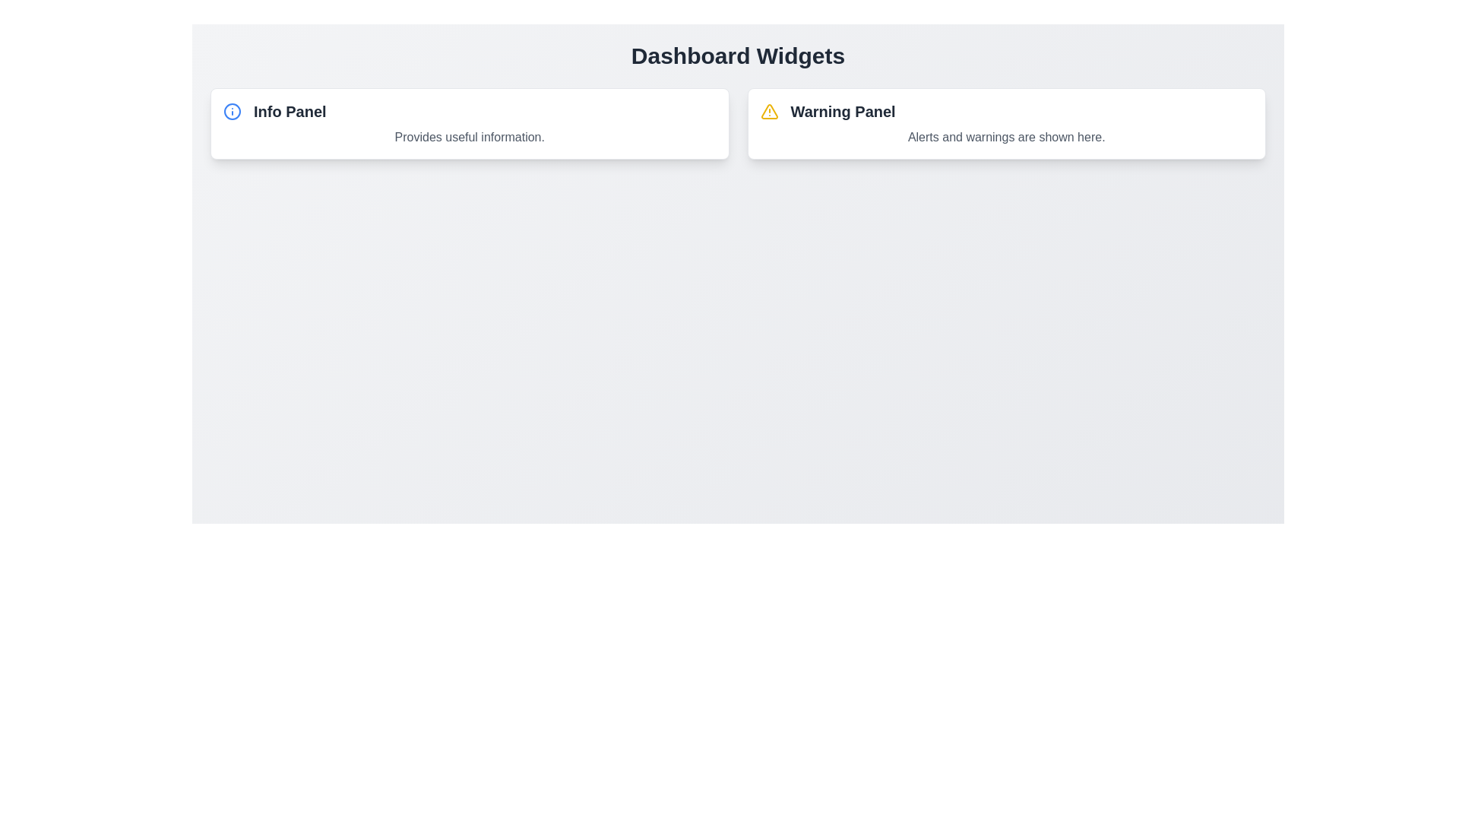 This screenshot has height=821, width=1459. Describe the element at coordinates (232, 110) in the screenshot. I see `the SVG Icon located in the left part of the 'Info Panel' component, which serves as a static visual indicator for the panel` at that location.